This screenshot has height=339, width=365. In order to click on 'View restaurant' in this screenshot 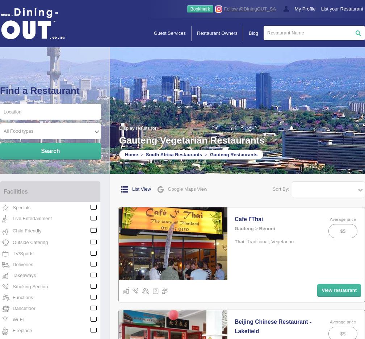, I will do `click(322, 290)`.